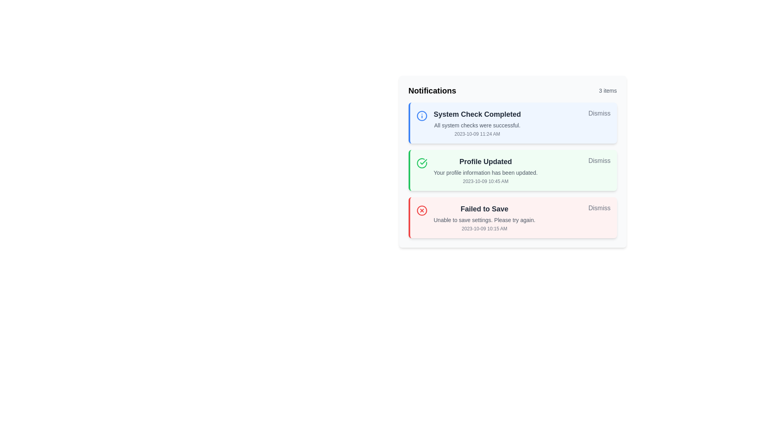  I want to click on the green checkmark icon enclosed within a circle, located to the left of the 'Profile Updated' text in the notification card, so click(421, 163).